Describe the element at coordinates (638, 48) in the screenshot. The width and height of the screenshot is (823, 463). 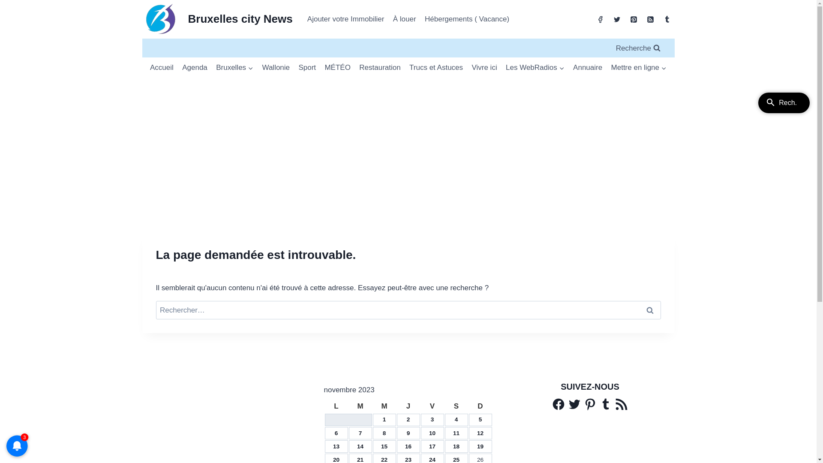
I see `'Recherche'` at that location.